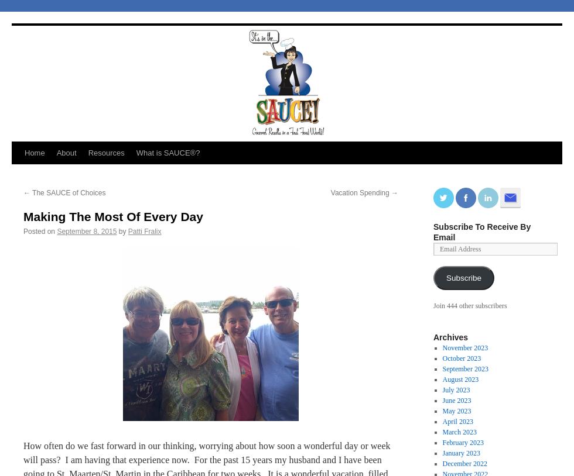 The width and height of the screenshot is (574, 476). I want to click on 'Posted on', so click(39, 232).